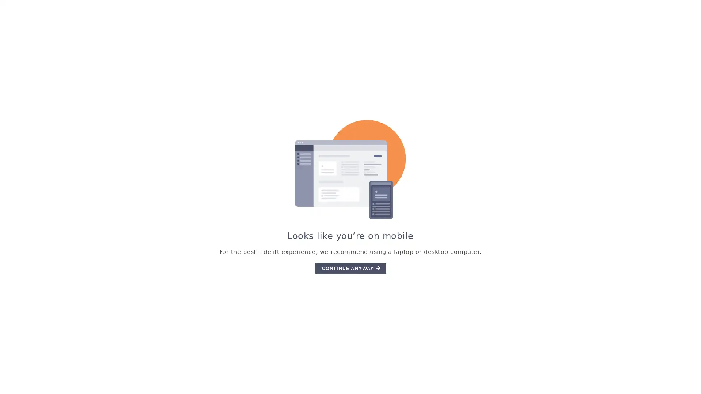 The image size is (701, 394). Describe the element at coordinates (541, 15) in the screenshot. I see `GET STARTED` at that location.